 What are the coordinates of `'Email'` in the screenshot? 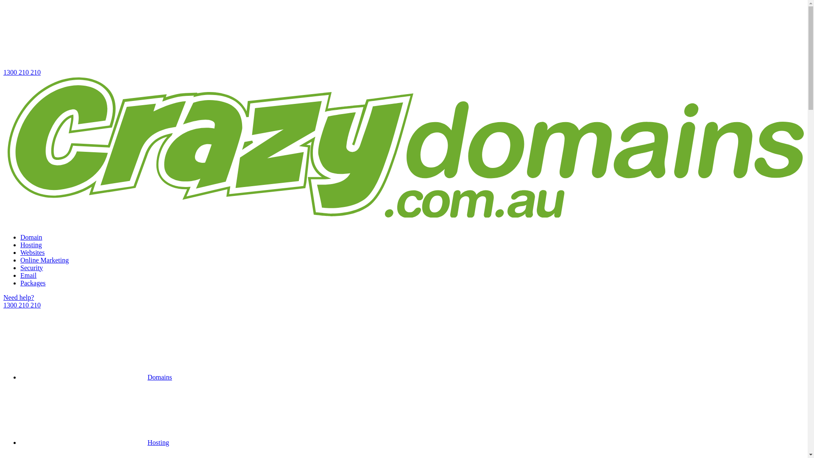 It's located at (28, 275).